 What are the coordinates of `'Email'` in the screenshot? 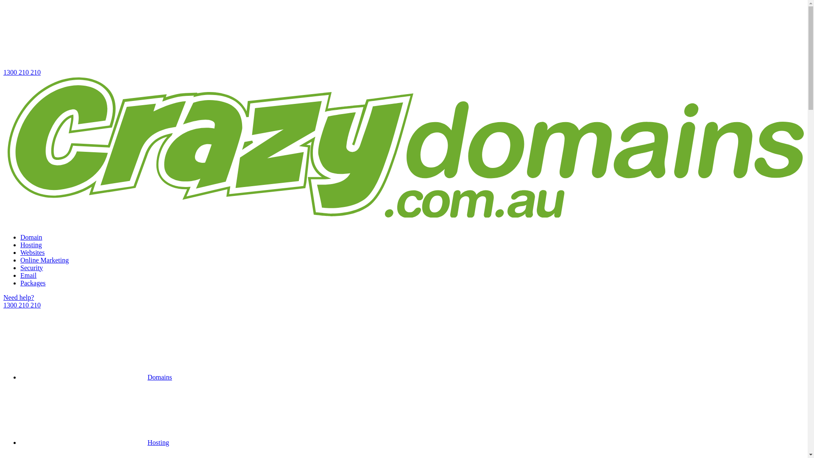 It's located at (28, 275).